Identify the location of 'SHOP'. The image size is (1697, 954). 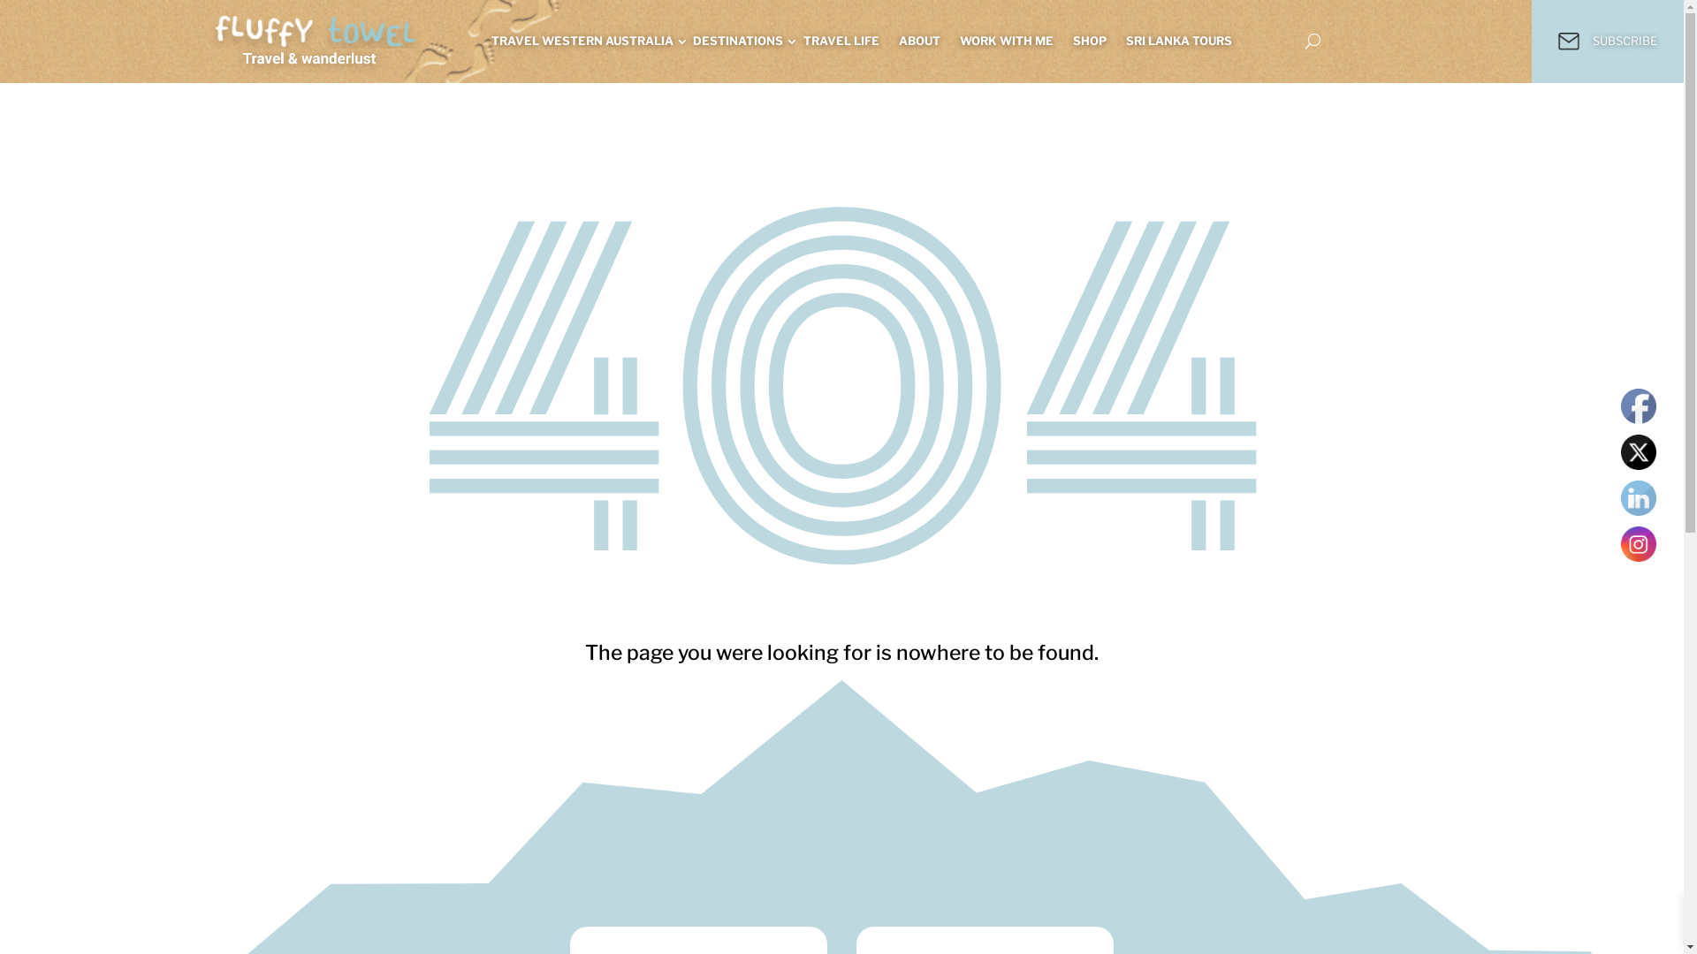
(1072, 40).